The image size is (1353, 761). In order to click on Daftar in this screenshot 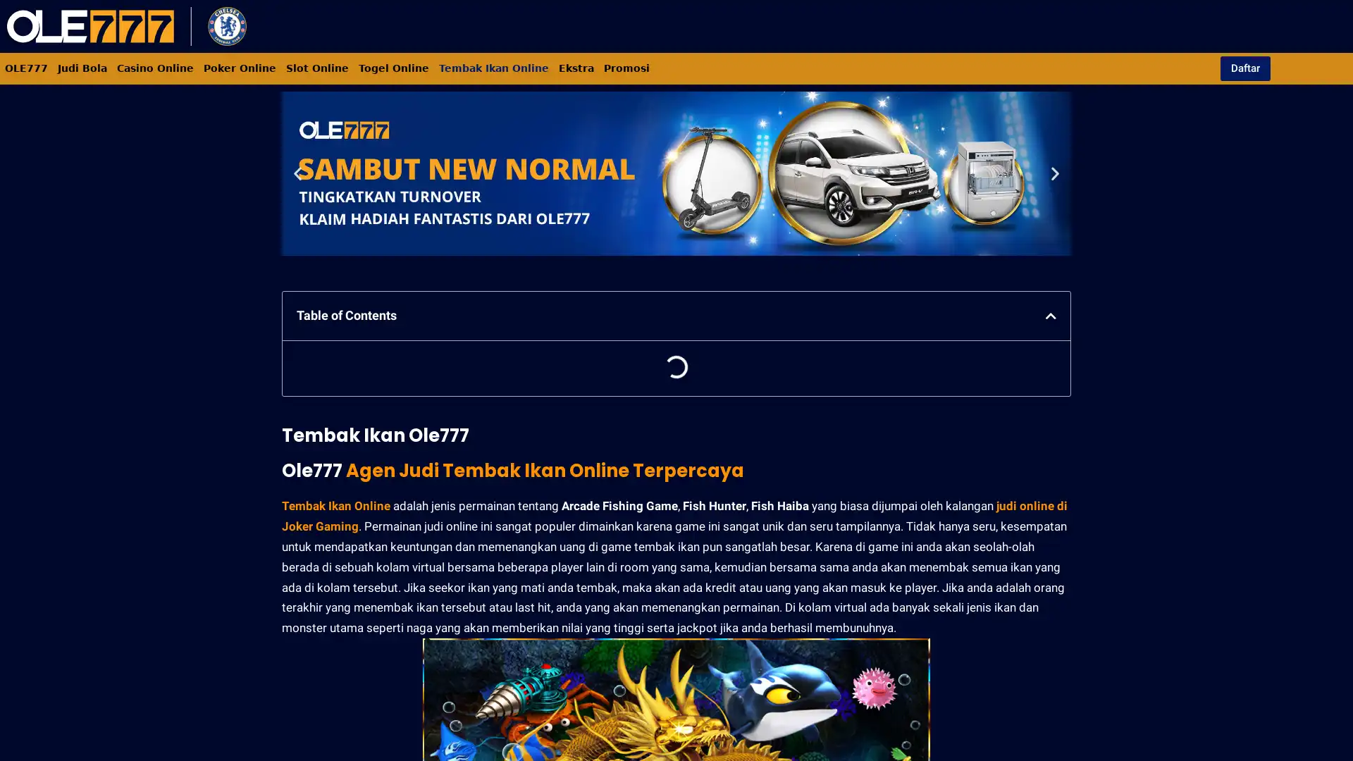, I will do `click(1244, 68)`.